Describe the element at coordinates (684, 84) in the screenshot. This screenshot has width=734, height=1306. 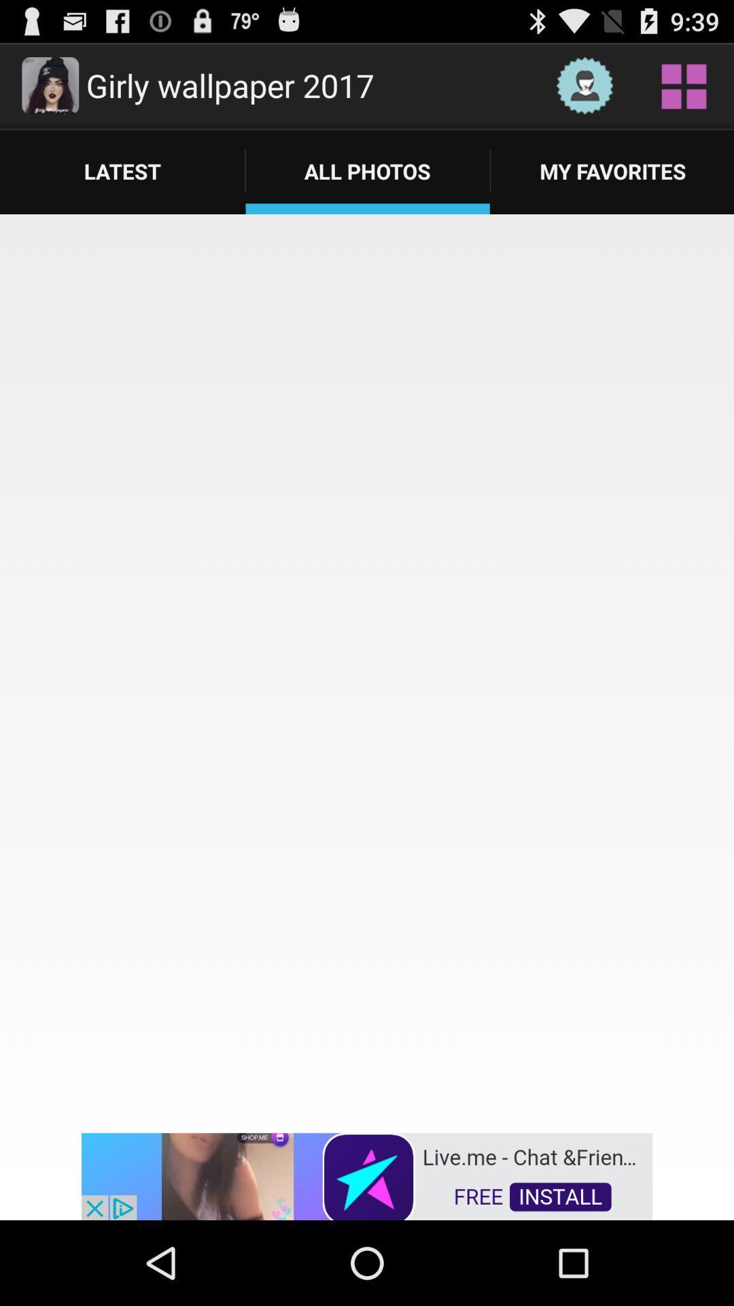
I see `all` at that location.